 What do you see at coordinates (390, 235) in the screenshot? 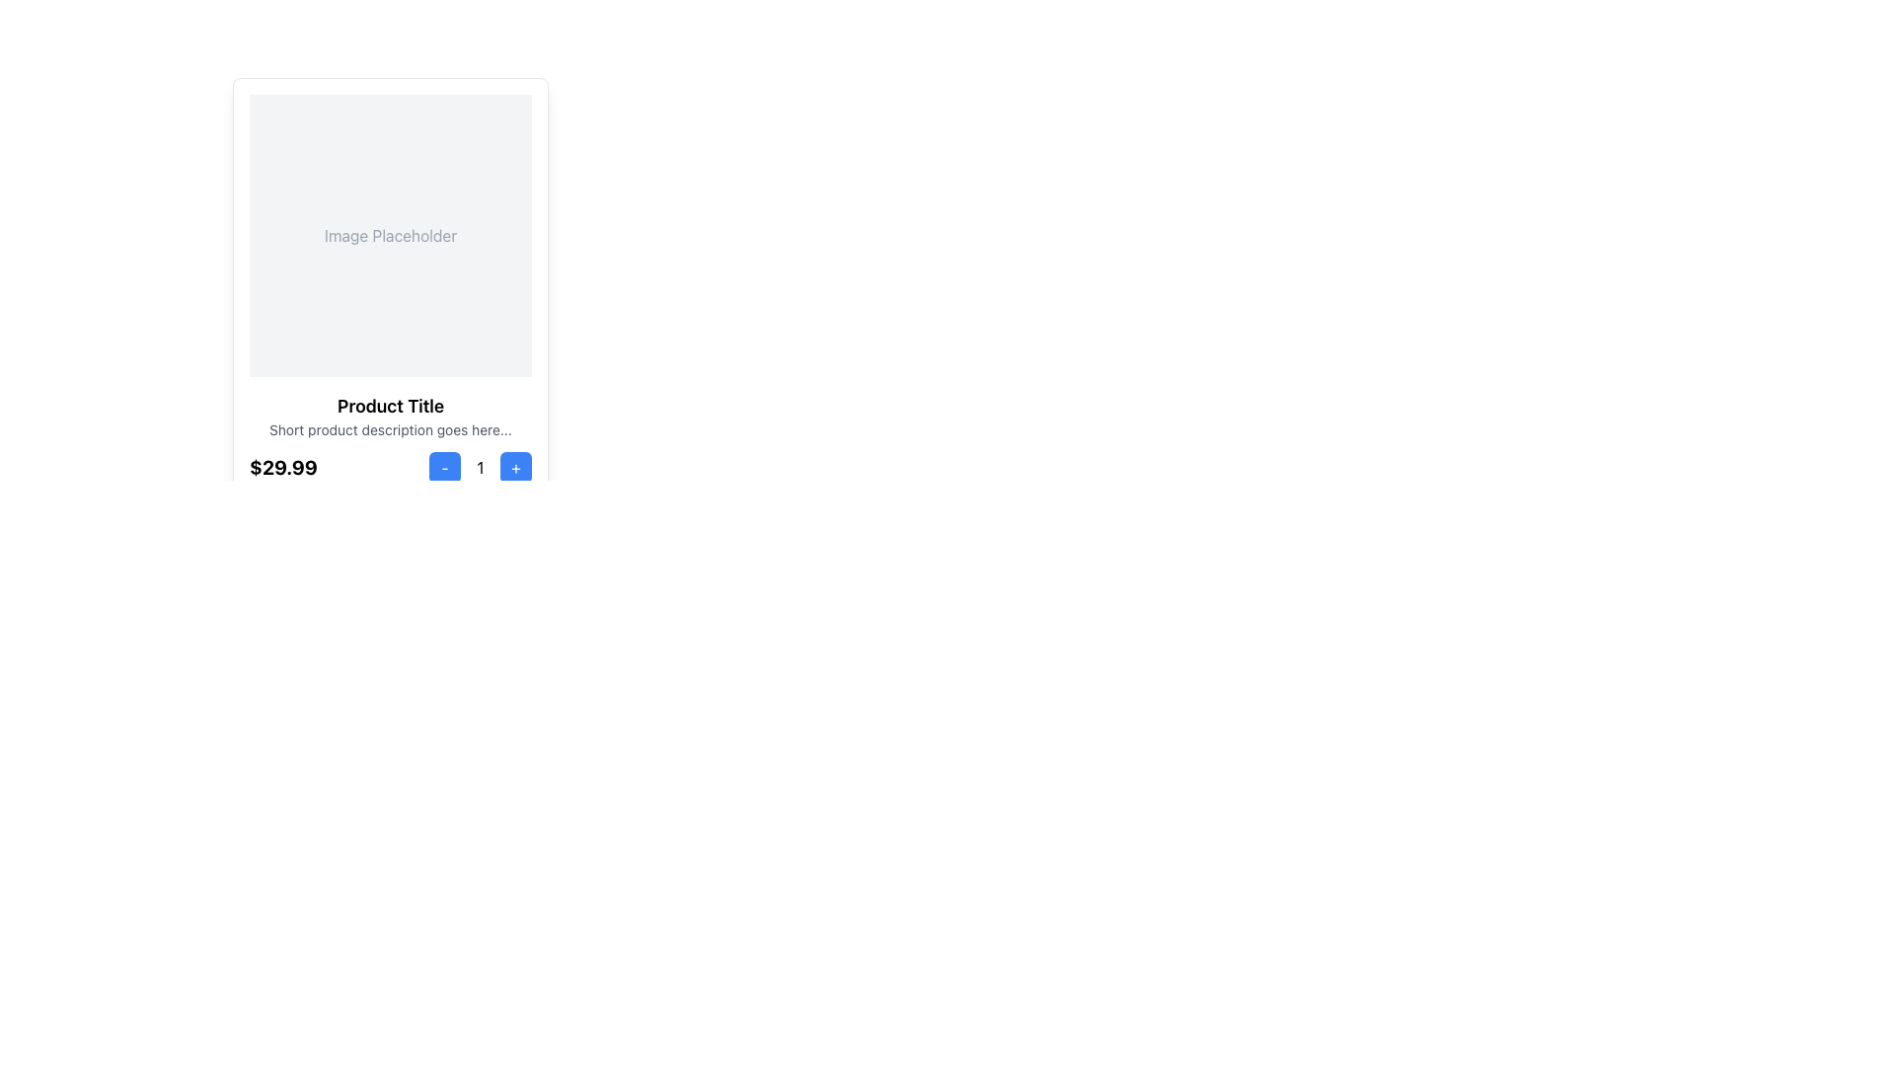
I see `the image placeholder located at the top-central area of the card component, directly above the 'Product Title' text` at bounding box center [390, 235].